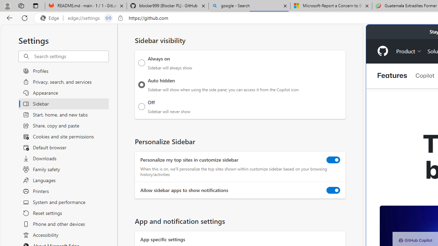 This screenshot has width=438, height=246. I want to click on 'Product', so click(409, 51).